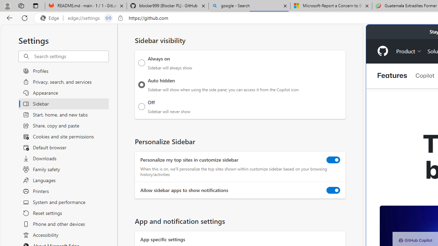 This screenshot has width=438, height=246. I want to click on 'Product', so click(409, 51).